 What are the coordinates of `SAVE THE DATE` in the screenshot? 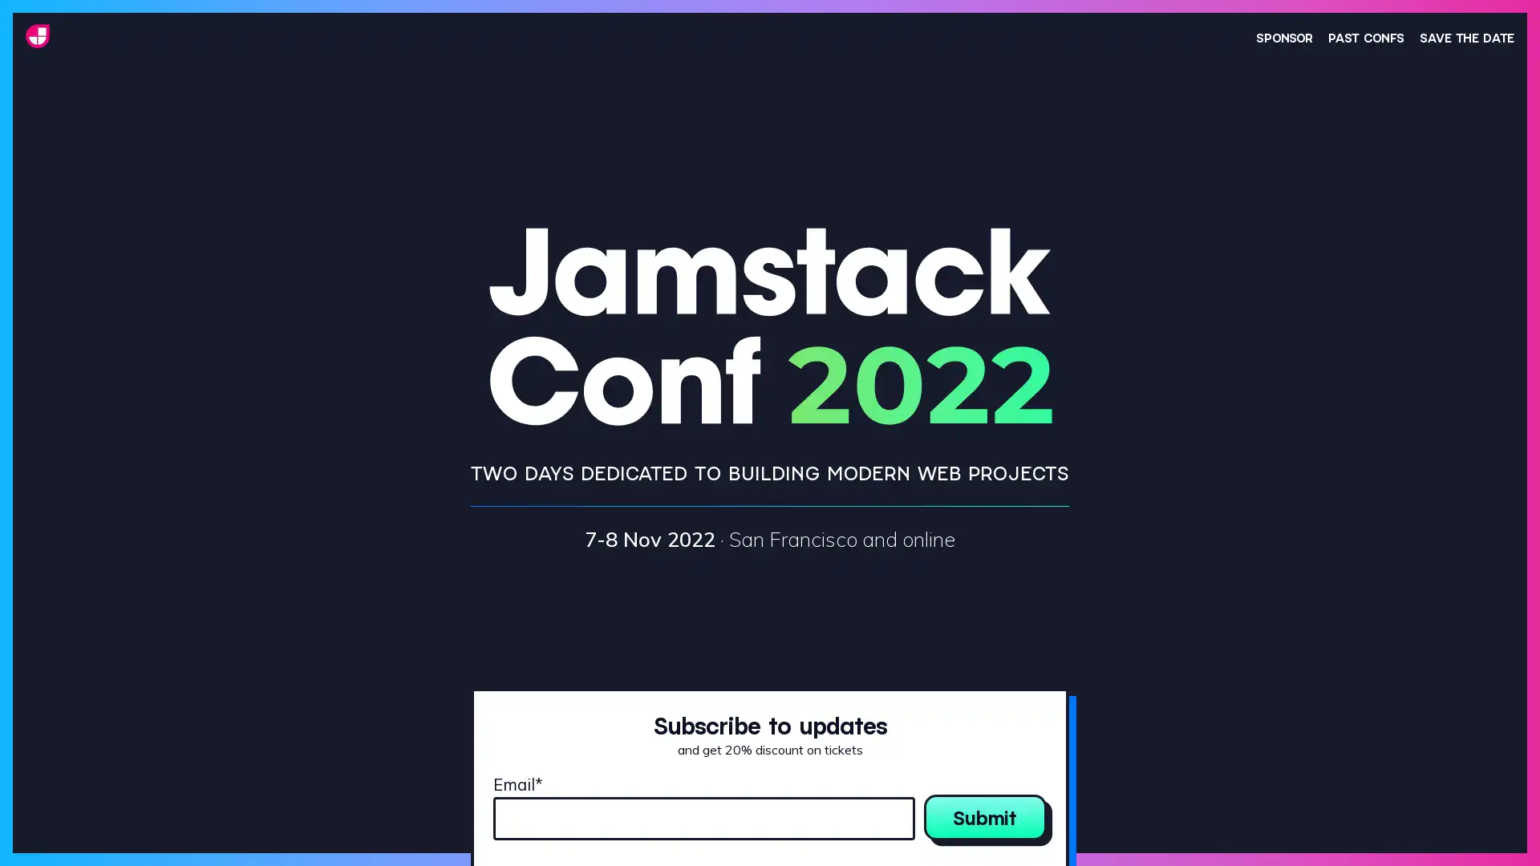 It's located at (1466, 36).